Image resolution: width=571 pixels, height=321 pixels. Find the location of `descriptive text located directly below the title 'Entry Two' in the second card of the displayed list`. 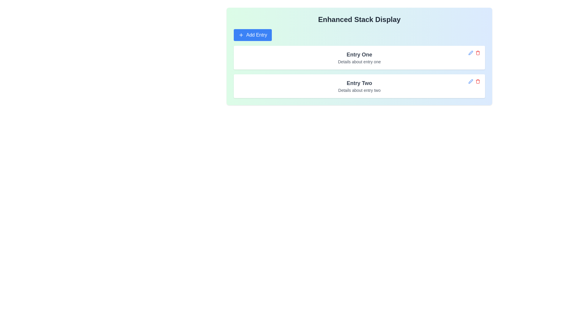

descriptive text located directly below the title 'Entry Two' in the second card of the displayed list is located at coordinates (359, 90).